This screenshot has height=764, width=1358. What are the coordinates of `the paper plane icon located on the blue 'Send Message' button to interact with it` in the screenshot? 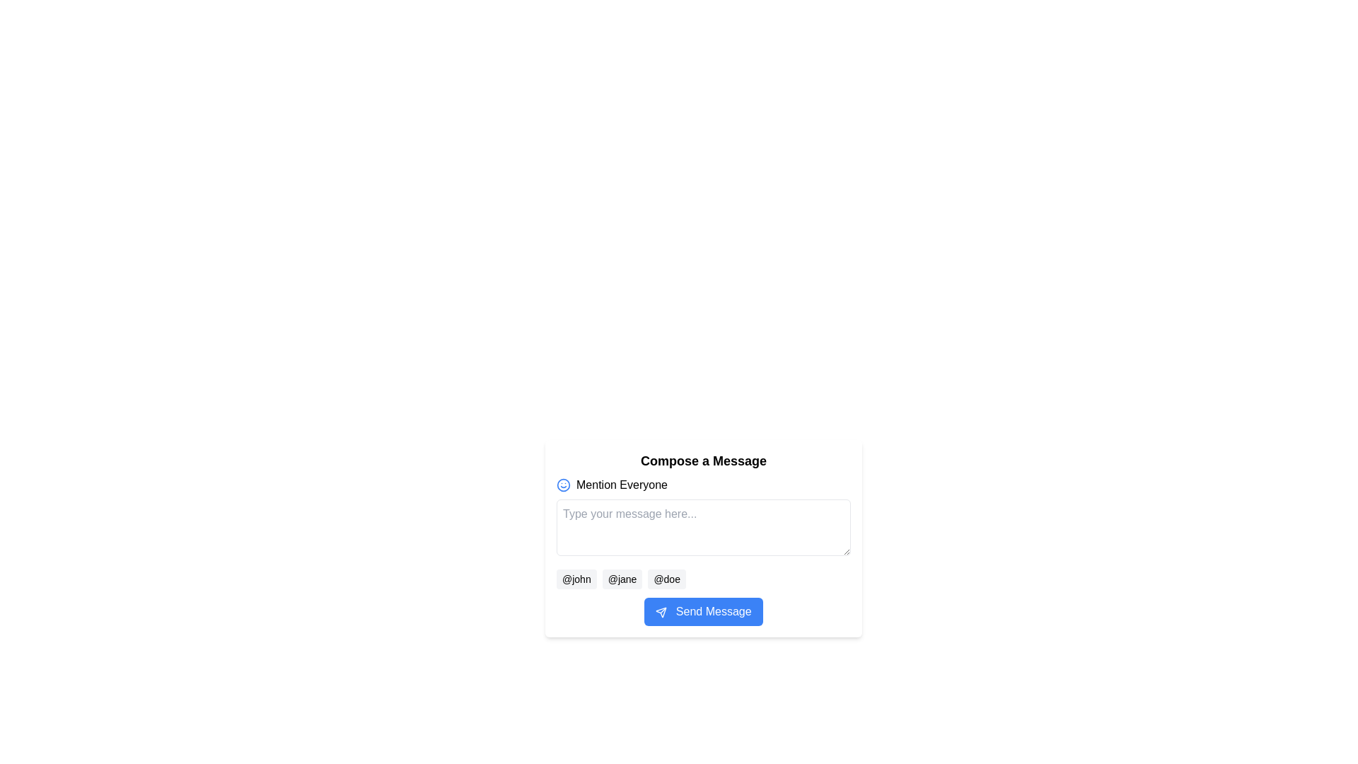 It's located at (661, 611).